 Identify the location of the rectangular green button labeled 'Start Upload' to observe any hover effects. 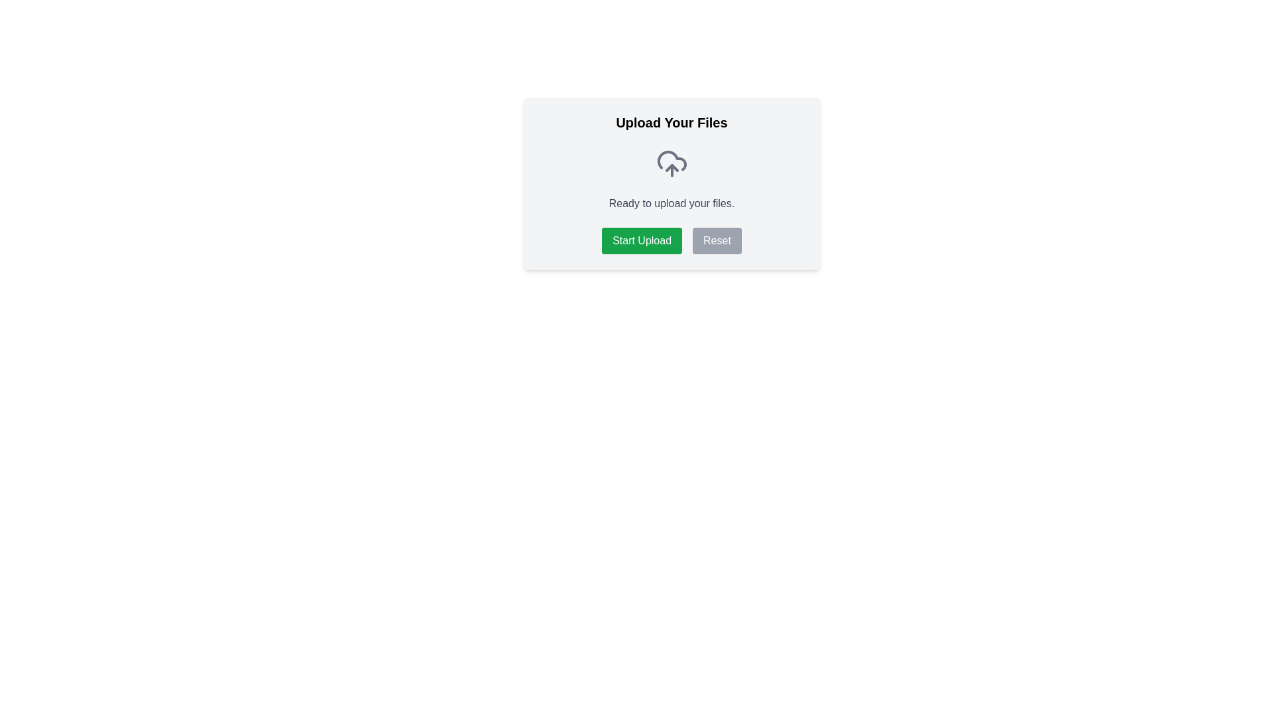
(642, 240).